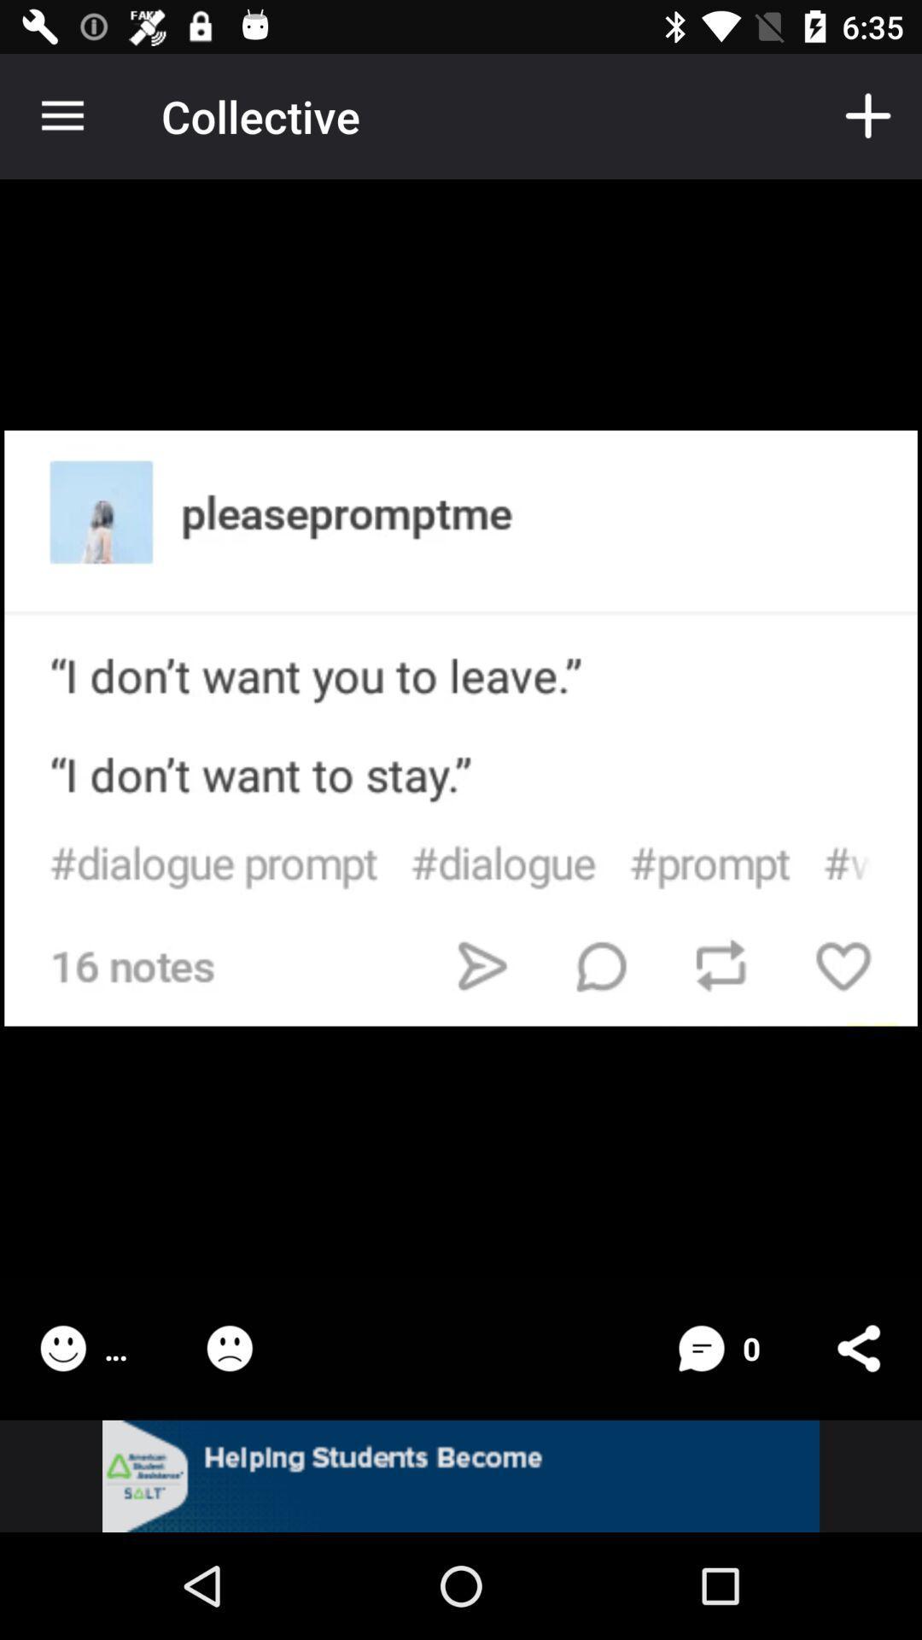 This screenshot has width=922, height=1640. What do you see at coordinates (461, 1475) in the screenshot?
I see `linked page` at bounding box center [461, 1475].